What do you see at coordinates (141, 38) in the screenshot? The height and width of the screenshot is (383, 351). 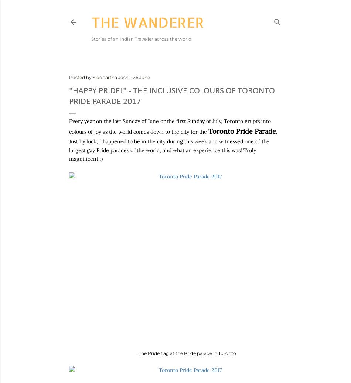 I see `'Stories of an Indian Traveller across the world!'` at bounding box center [141, 38].